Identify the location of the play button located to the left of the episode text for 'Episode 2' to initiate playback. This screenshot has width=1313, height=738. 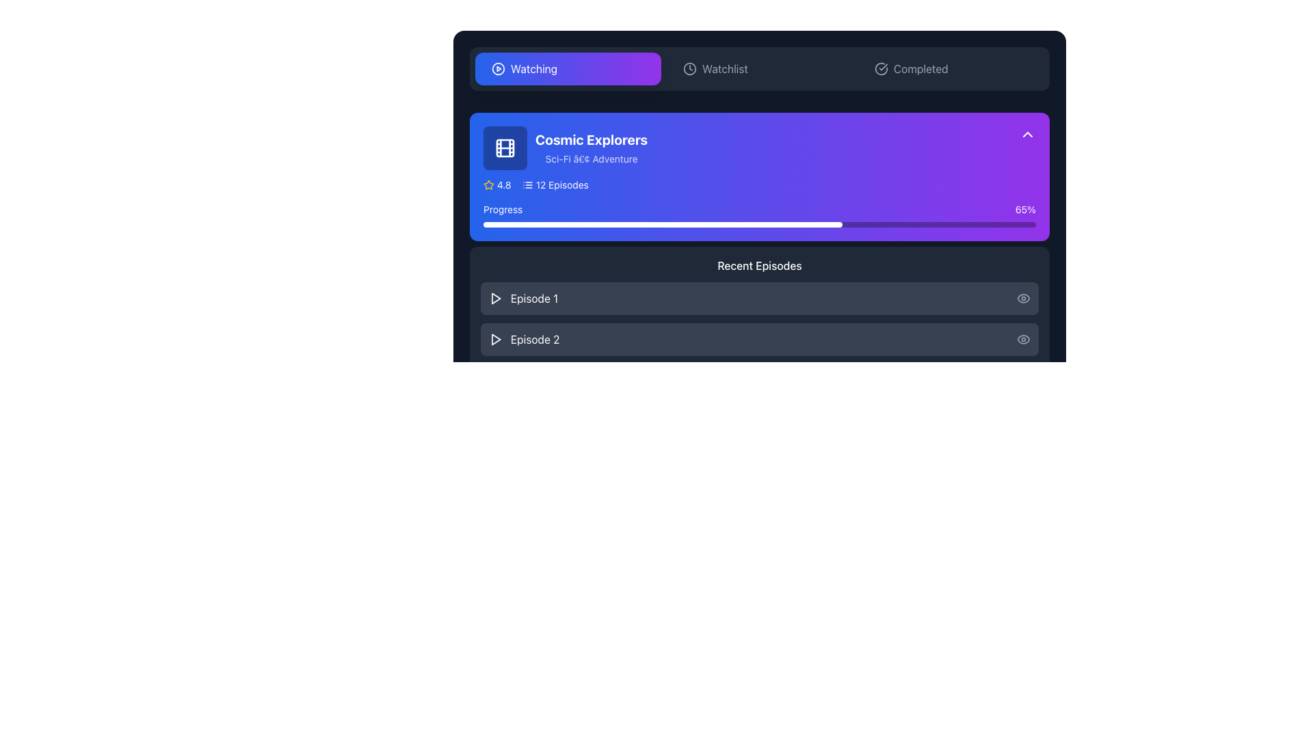
(494, 339).